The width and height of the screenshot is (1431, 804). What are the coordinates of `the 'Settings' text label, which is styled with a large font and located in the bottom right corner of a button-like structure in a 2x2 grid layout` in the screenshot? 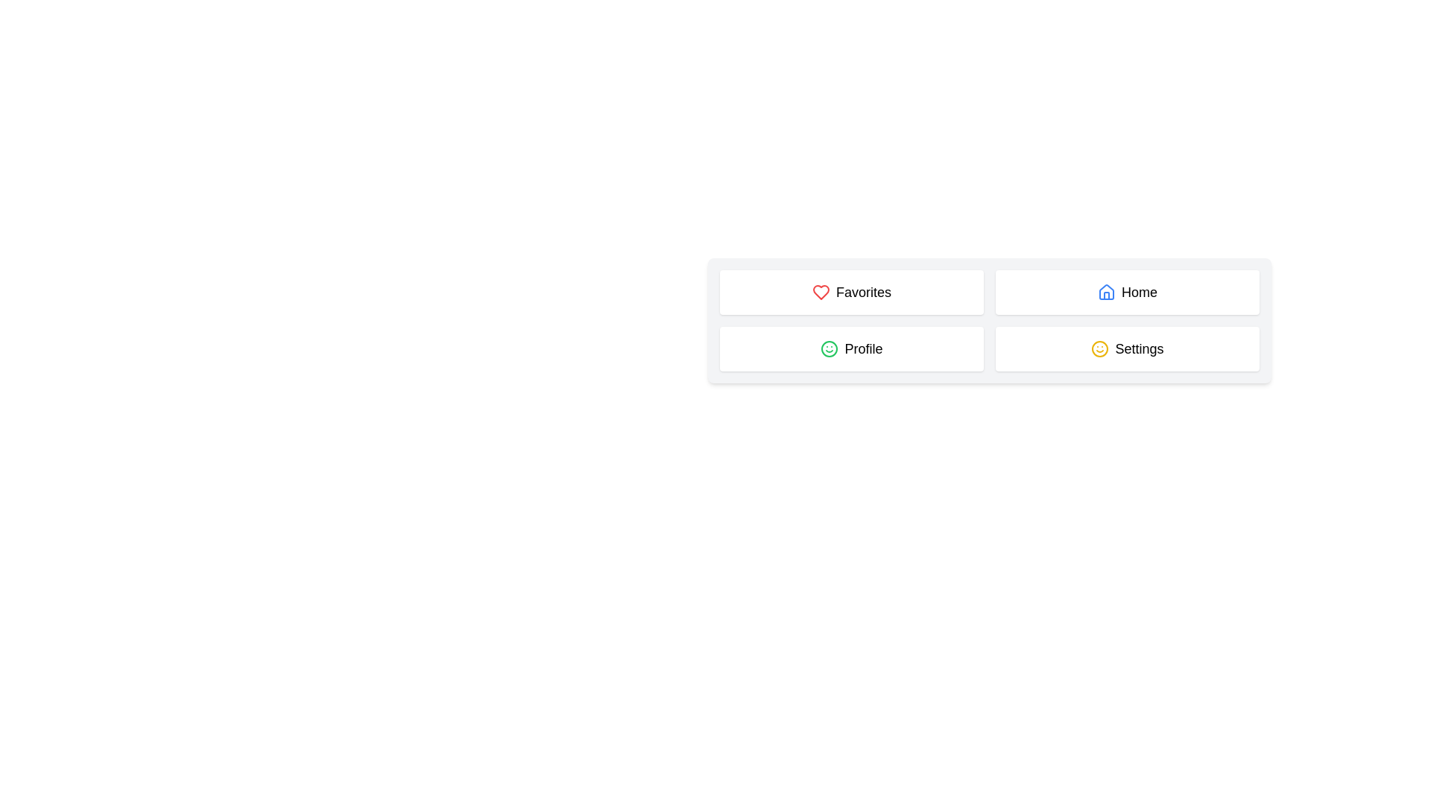 It's located at (1138, 349).